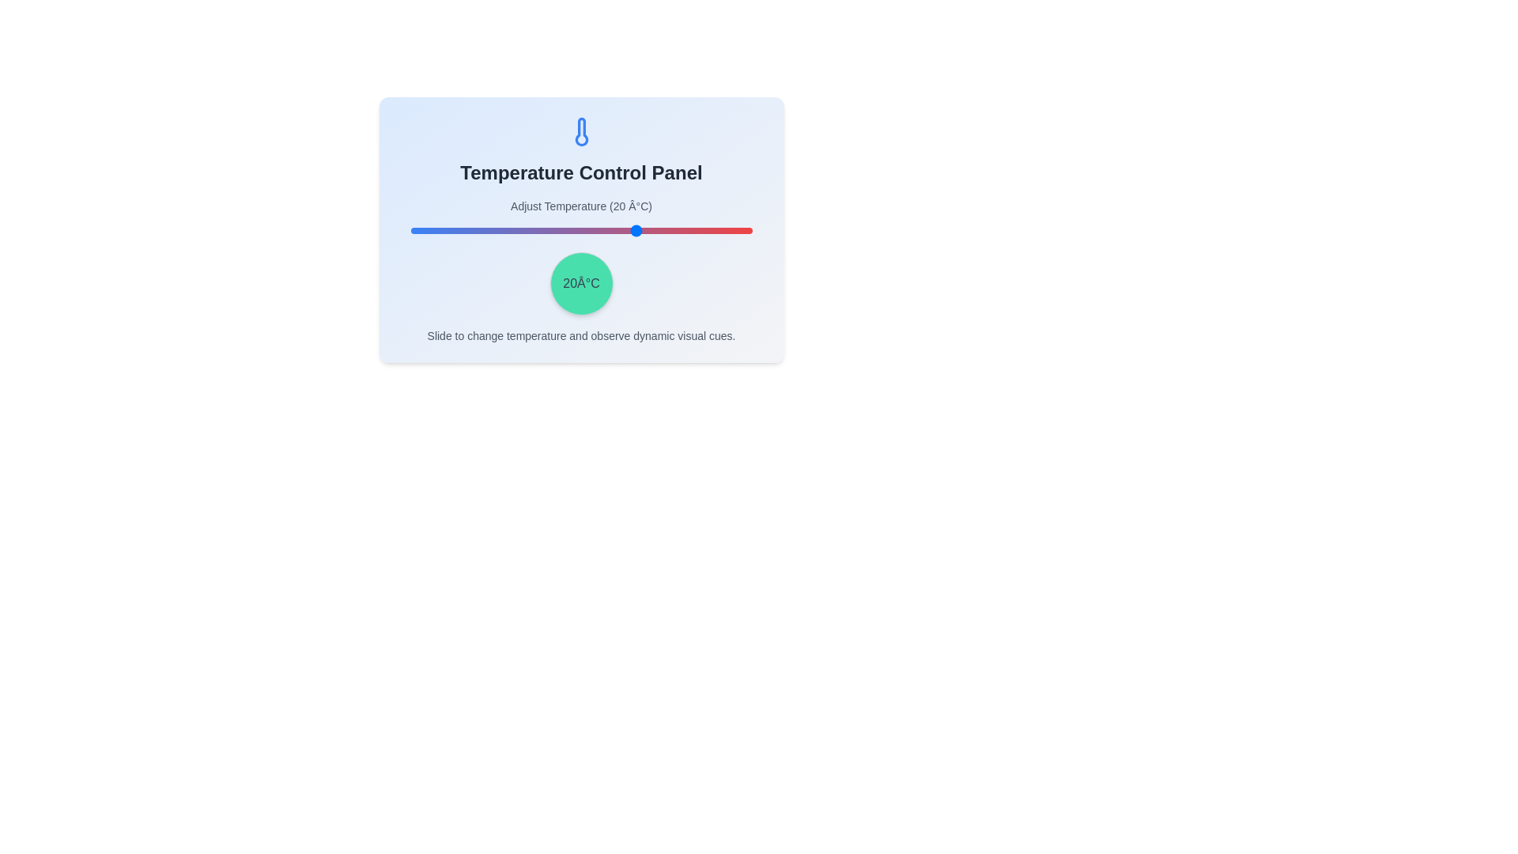  What do you see at coordinates (691, 231) in the screenshot?
I see `the temperature to 34°C using the slider` at bounding box center [691, 231].